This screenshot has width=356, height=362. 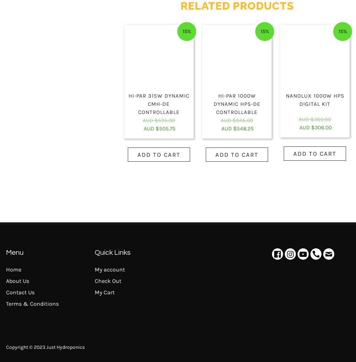 I want to click on 'Quick Links', so click(x=95, y=252).